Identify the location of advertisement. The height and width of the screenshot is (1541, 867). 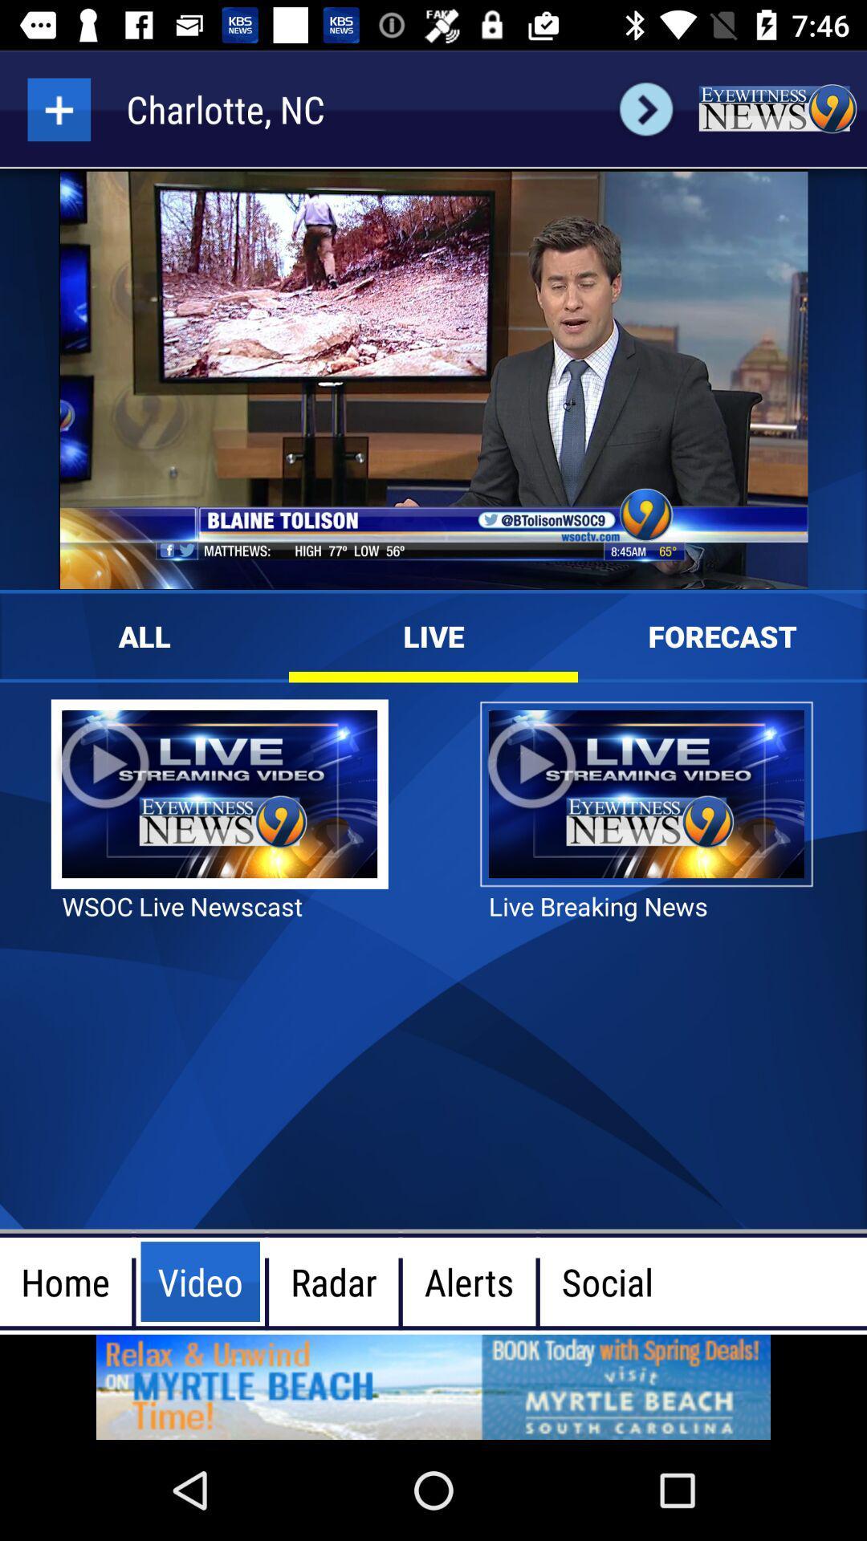
(433, 1386).